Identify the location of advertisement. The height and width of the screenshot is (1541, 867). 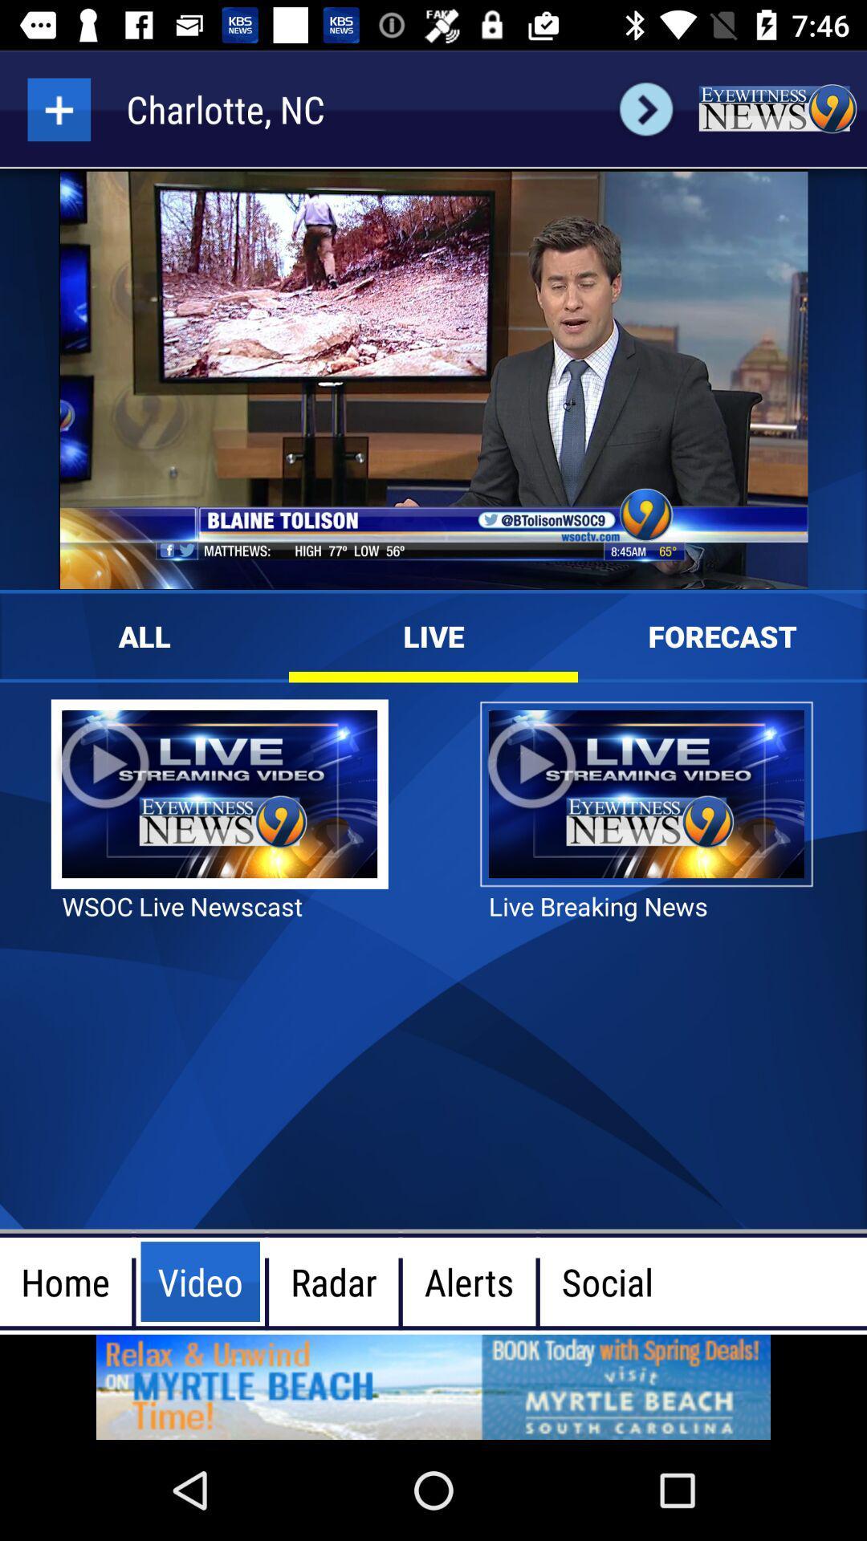
(433, 1386).